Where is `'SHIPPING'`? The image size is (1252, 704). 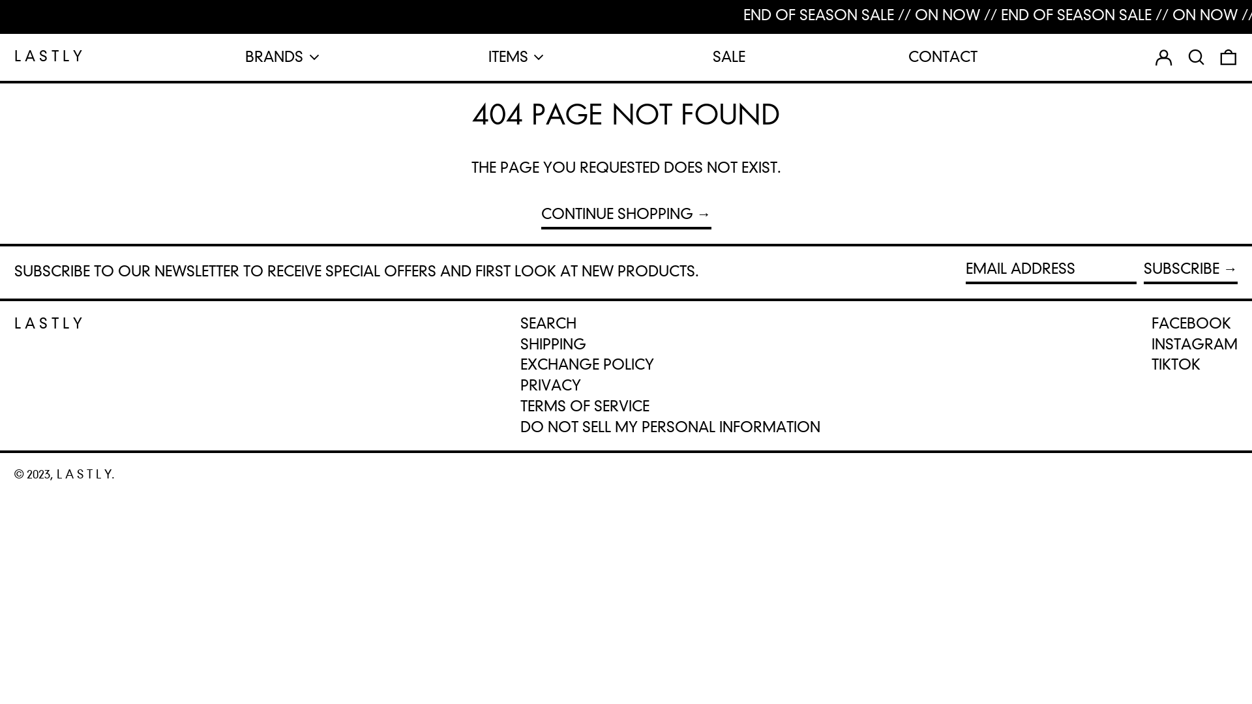
'SHIPPING' is located at coordinates (553, 344).